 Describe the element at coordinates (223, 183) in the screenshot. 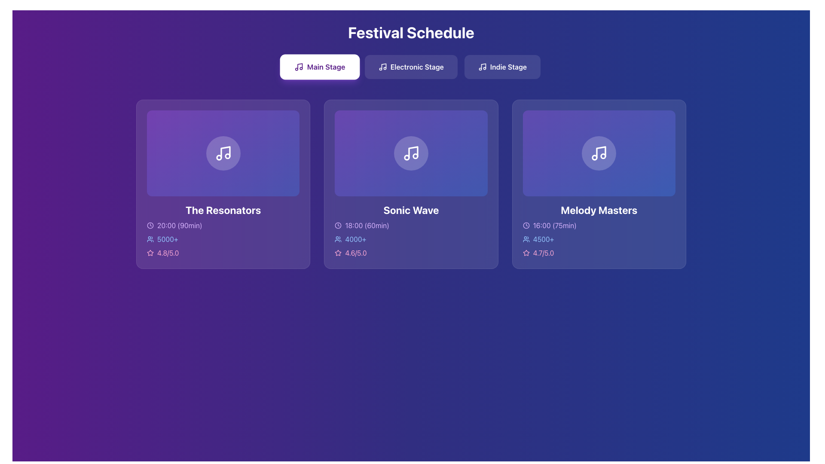

I see `the first Informational Card in the 'Main Stage' category of the 'Festival Schedule', which displays details about a specific event` at that location.